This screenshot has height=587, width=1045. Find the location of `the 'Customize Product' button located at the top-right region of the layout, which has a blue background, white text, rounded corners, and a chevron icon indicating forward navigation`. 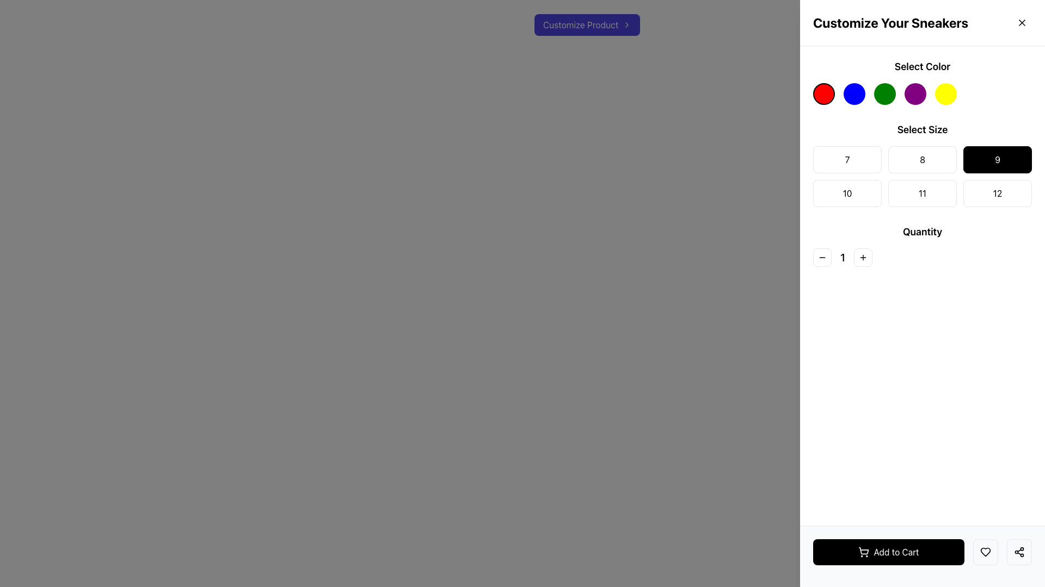

the 'Customize Product' button located at the top-right region of the layout, which has a blue background, white text, rounded corners, and a chevron icon indicating forward navigation is located at coordinates (587, 24).